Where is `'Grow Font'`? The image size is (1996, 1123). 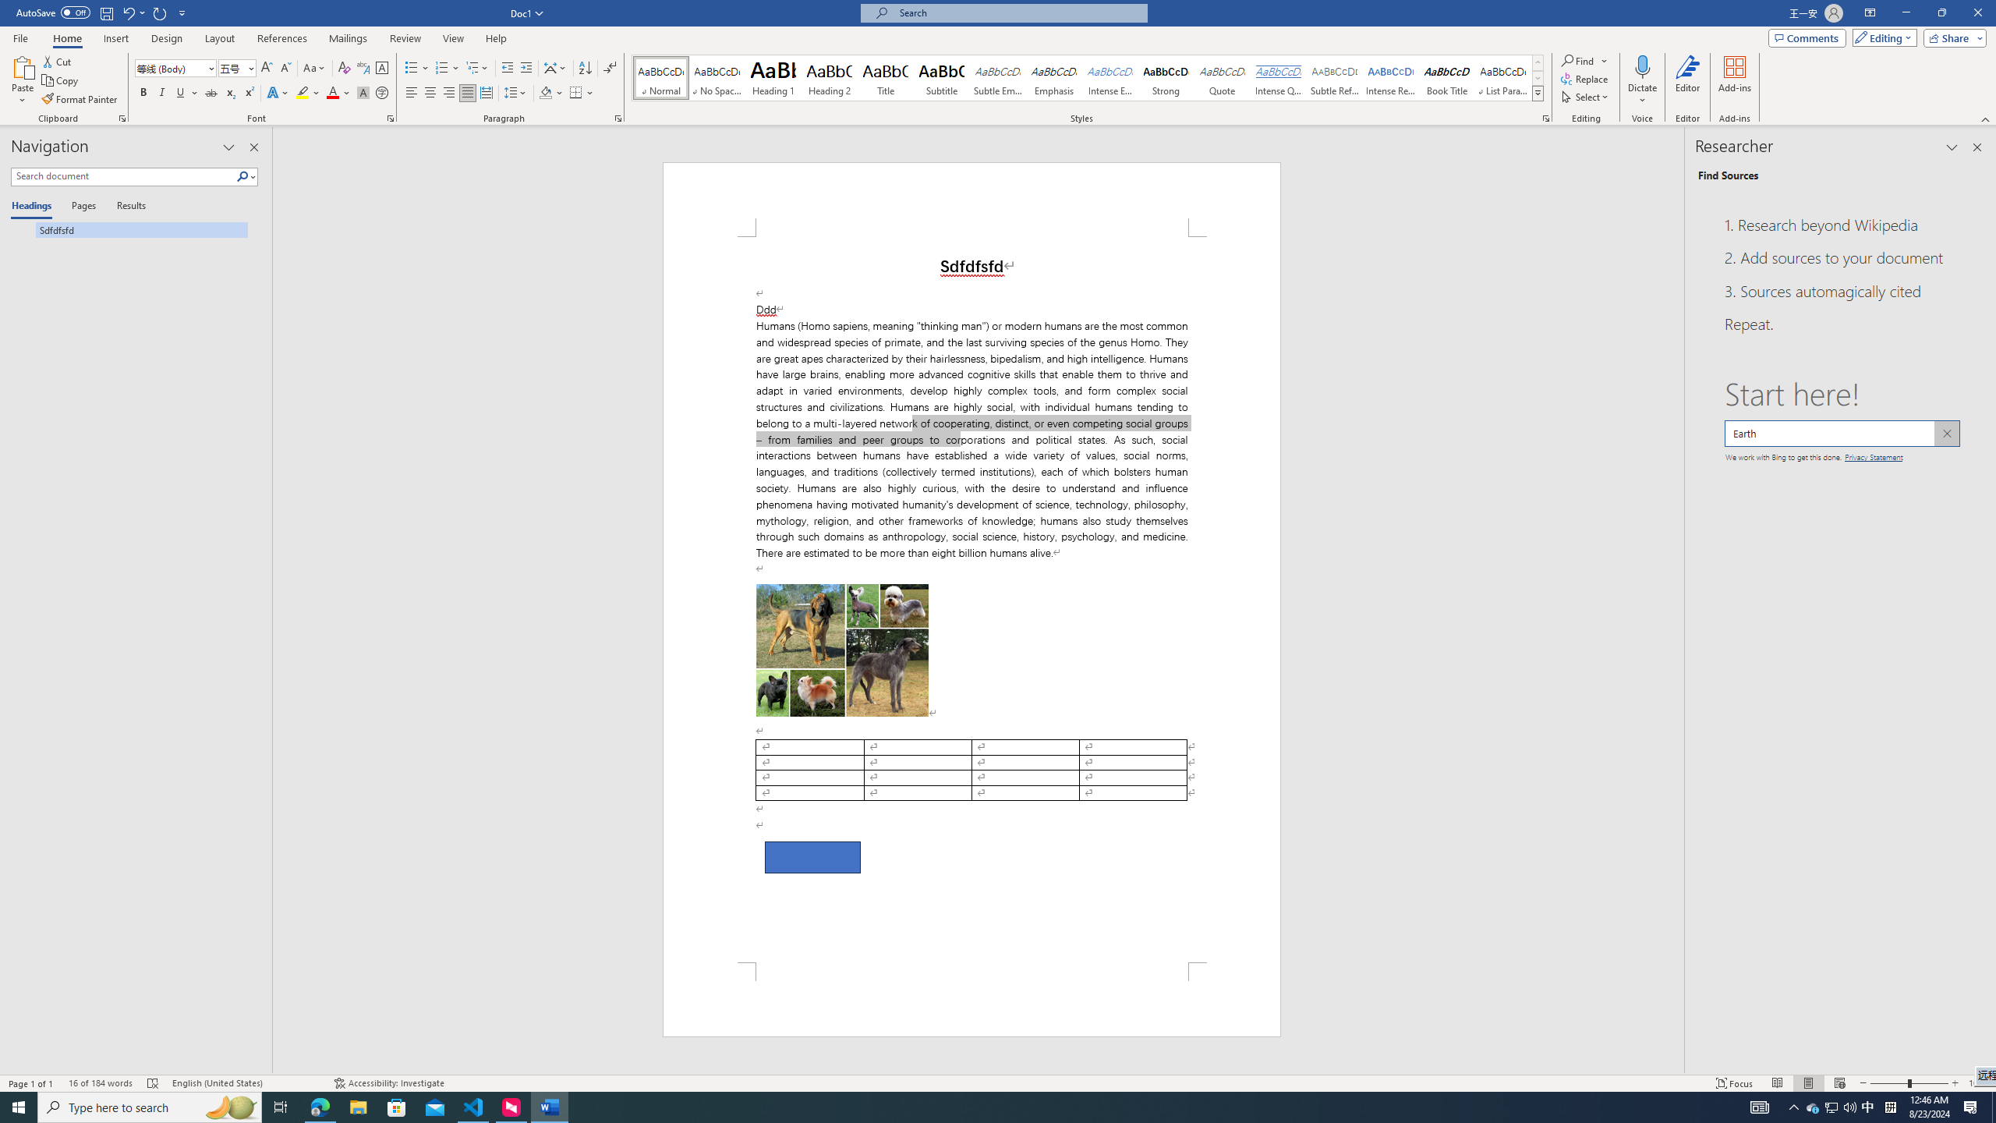
'Grow Font' is located at coordinates (266, 68).